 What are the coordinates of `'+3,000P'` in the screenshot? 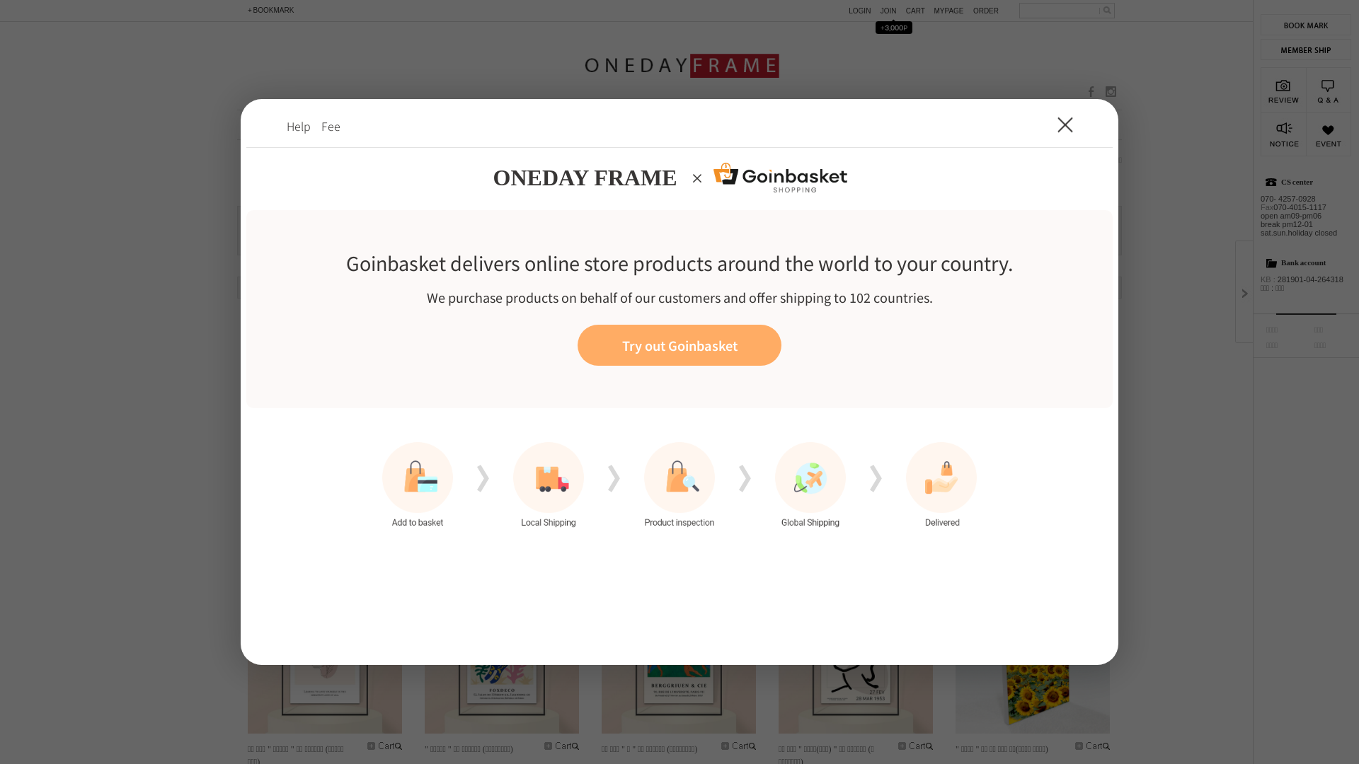 It's located at (868, 26).